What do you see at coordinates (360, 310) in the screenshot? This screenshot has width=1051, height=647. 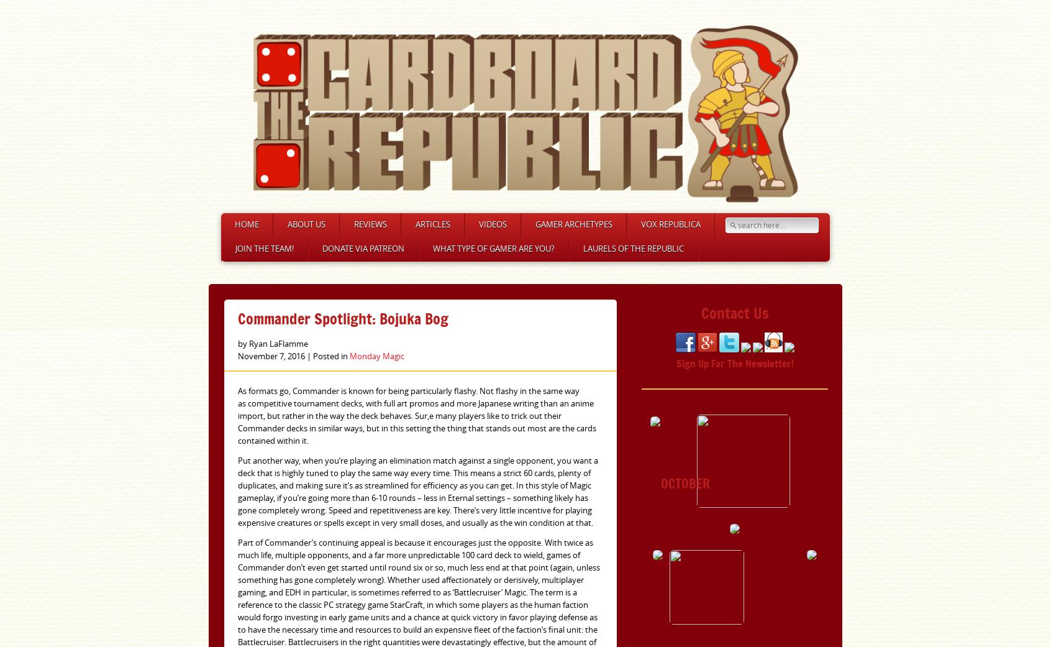 I see `'Board Game Patreon List'` at bounding box center [360, 310].